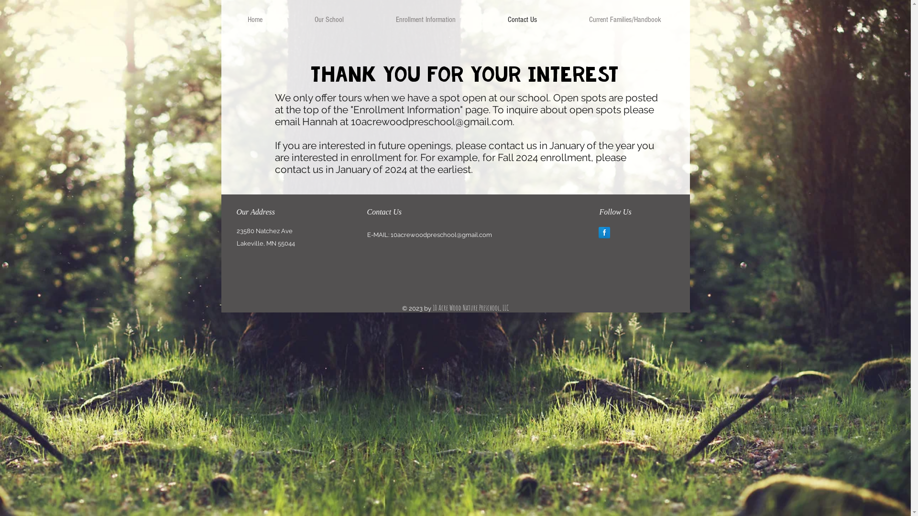  What do you see at coordinates (431, 121) in the screenshot?
I see `'10acrewoodpreschool@gmail.com'` at bounding box center [431, 121].